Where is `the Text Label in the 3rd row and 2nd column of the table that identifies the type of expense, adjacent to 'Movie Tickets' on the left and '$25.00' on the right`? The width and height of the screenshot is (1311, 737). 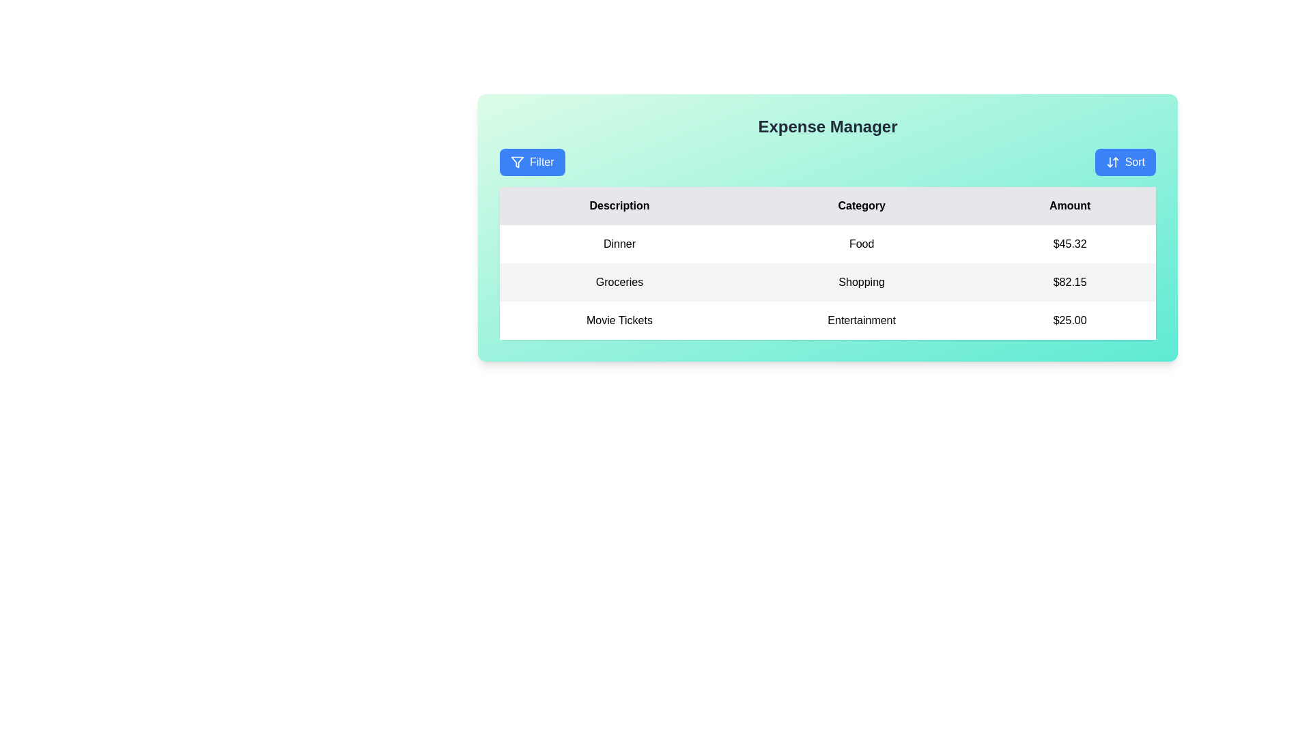 the Text Label in the 3rd row and 2nd column of the table that identifies the type of expense, adjacent to 'Movie Tickets' on the left and '$25.00' on the right is located at coordinates (861, 321).